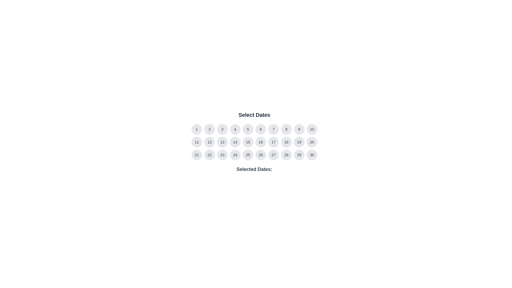 Image resolution: width=512 pixels, height=288 pixels. Describe the element at coordinates (299, 129) in the screenshot. I see `the 9th button in the calendar layout, which represents the number '9', located between the buttons '8' and '10'` at that location.